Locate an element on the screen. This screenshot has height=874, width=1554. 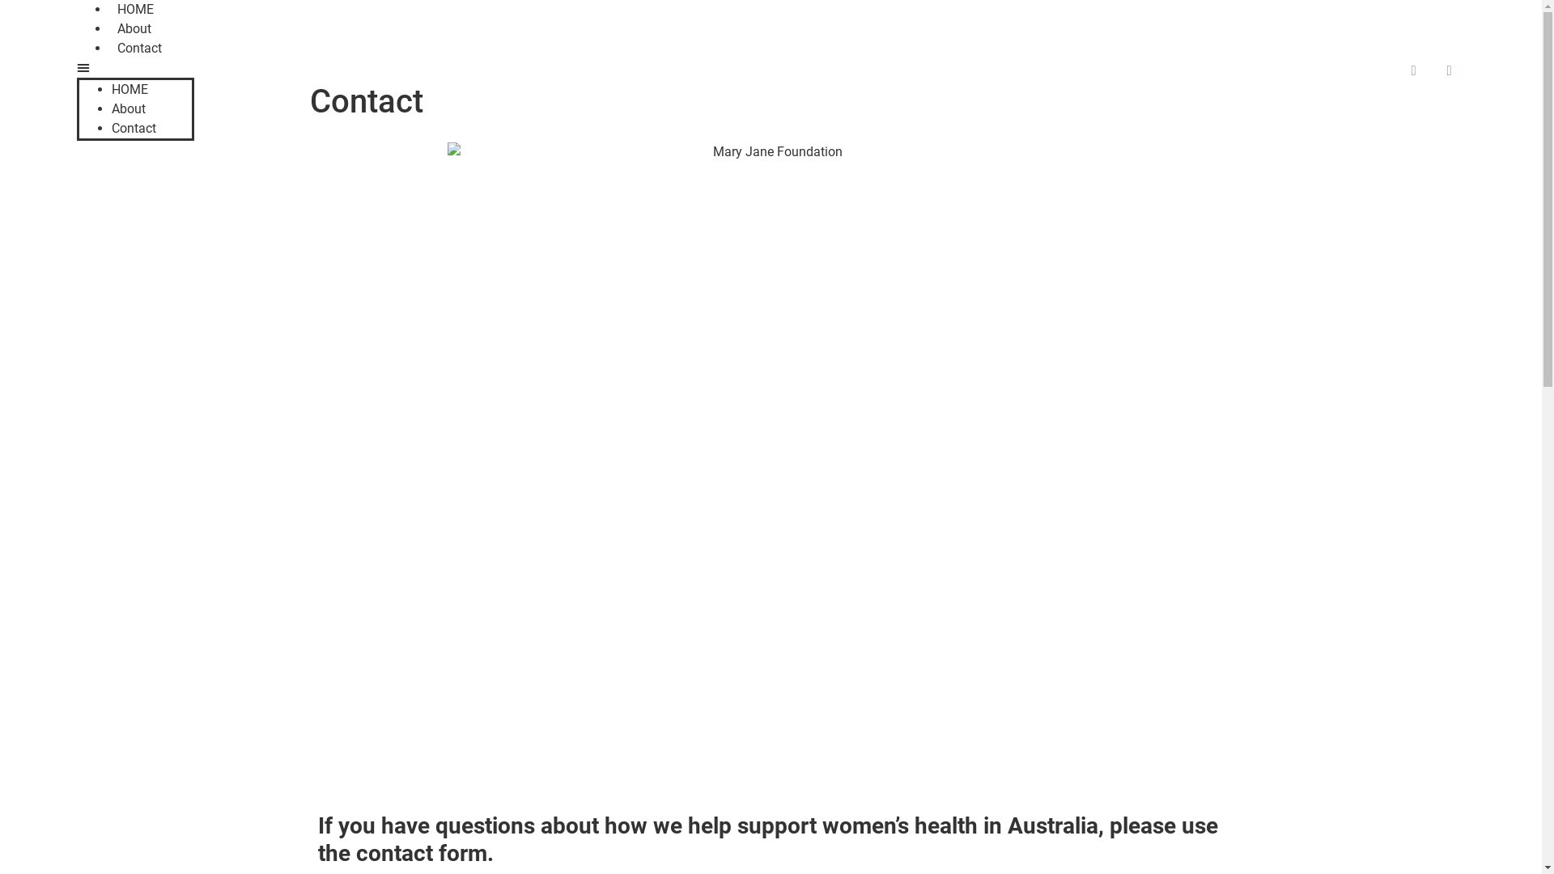
'Contact' is located at coordinates (139, 47).